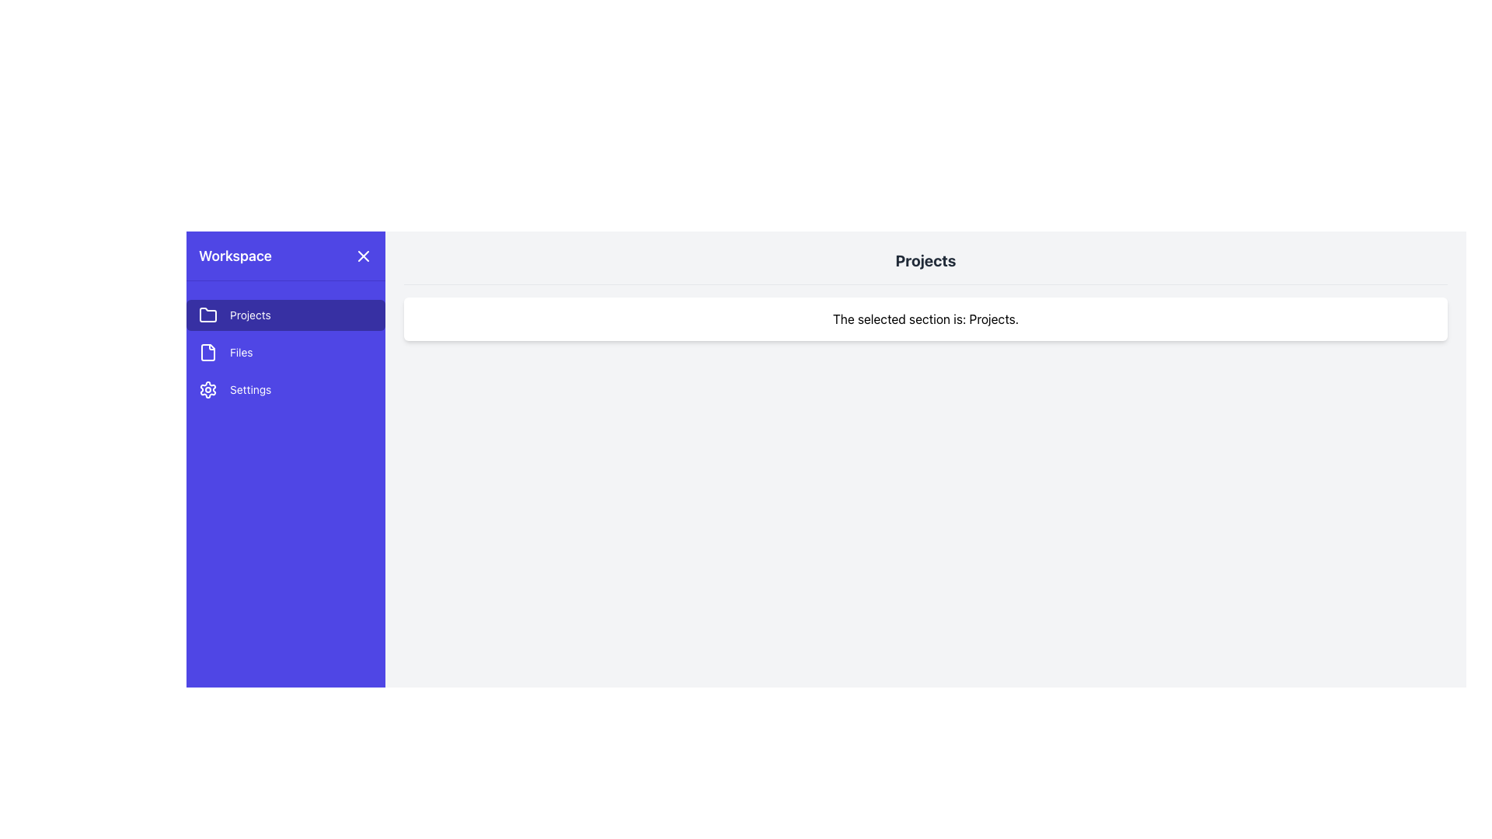 This screenshot has height=839, width=1492. What do you see at coordinates (234, 255) in the screenshot?
I see `text from the bold, large font label displaying 'Workspace' at the top center of the sidebar's header area` at bounding box center [234, 255].